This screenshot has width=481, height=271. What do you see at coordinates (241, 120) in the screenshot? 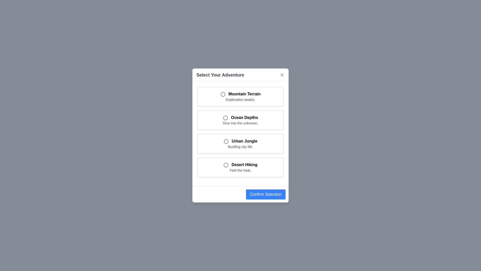
I see `the adventure option Ocean Depths` at bounding box center [241, 120].